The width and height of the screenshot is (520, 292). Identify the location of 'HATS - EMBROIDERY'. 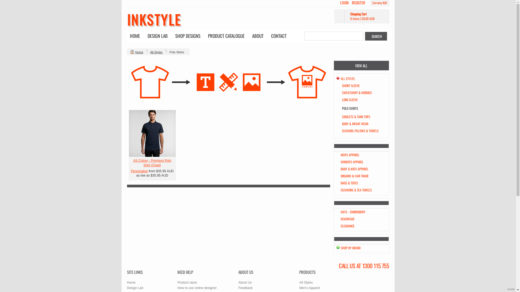
(353, 211).